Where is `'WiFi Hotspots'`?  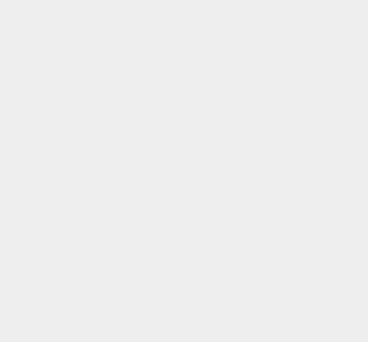
'WiFi Hotspots' is located at coordinates (274, 271).